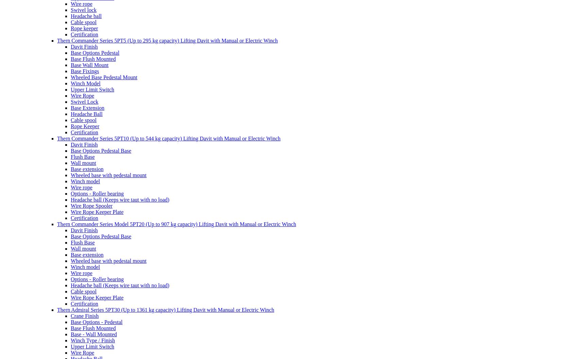  Describe the element at coordinates (169, 138) in the screenshot. I see `'Thern Commander Series 5PT10 (Up to 544 kg capacity) Lifting Davit with Manual or Electric Winch'` at that location.